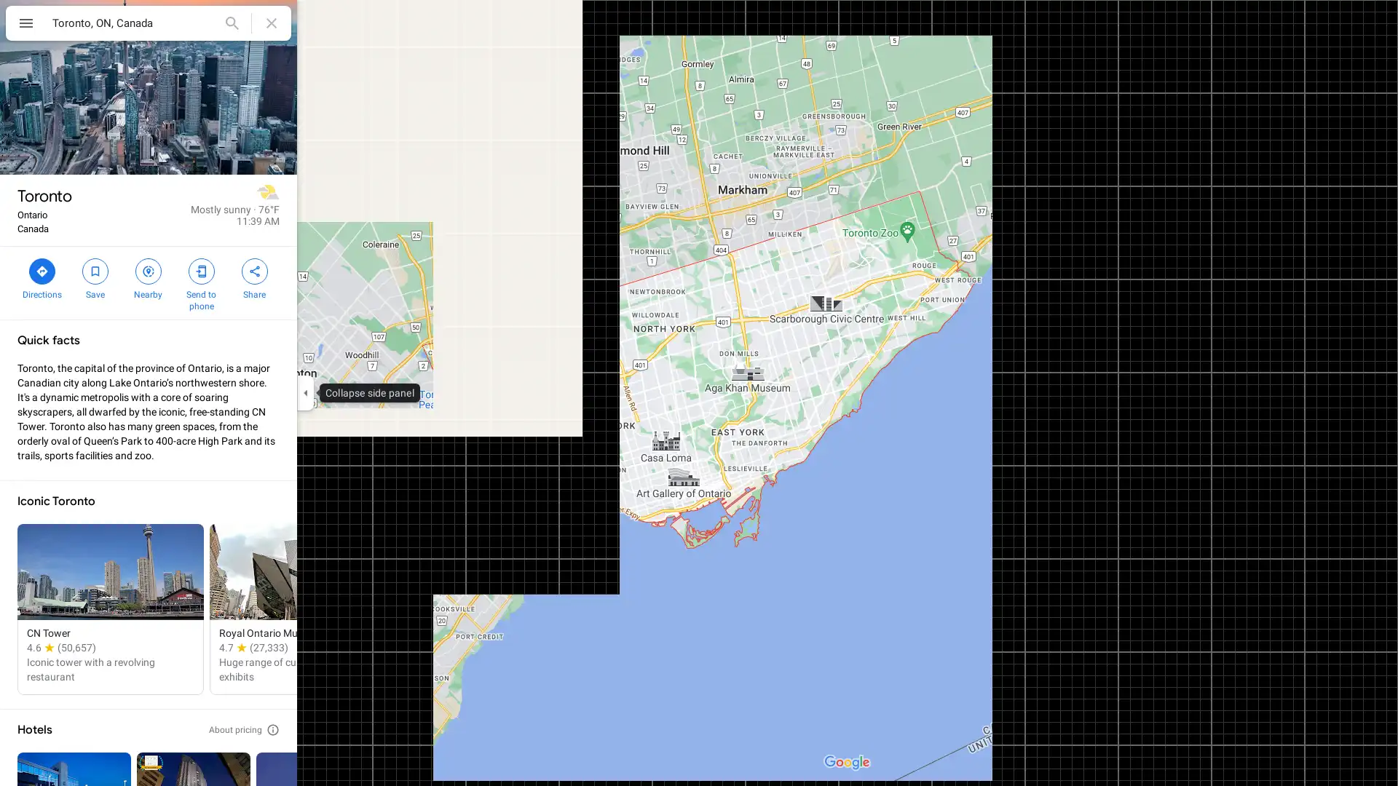  What do you see at coordinates (231, 23) in the screenshot?
I see `Search` at bounding box center [231, 23].